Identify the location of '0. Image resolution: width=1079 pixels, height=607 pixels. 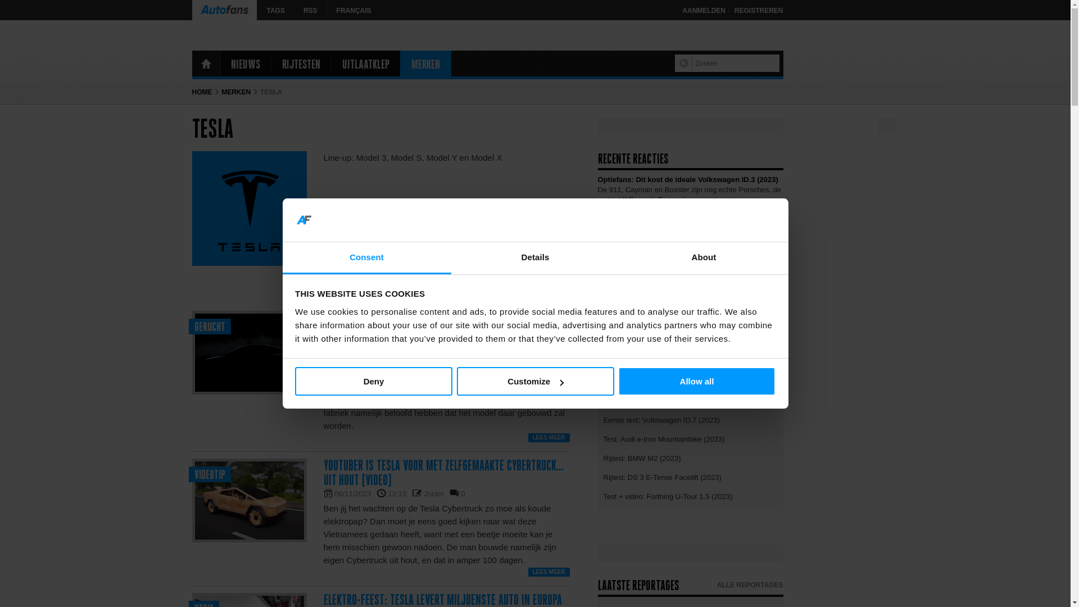
(463, 493).